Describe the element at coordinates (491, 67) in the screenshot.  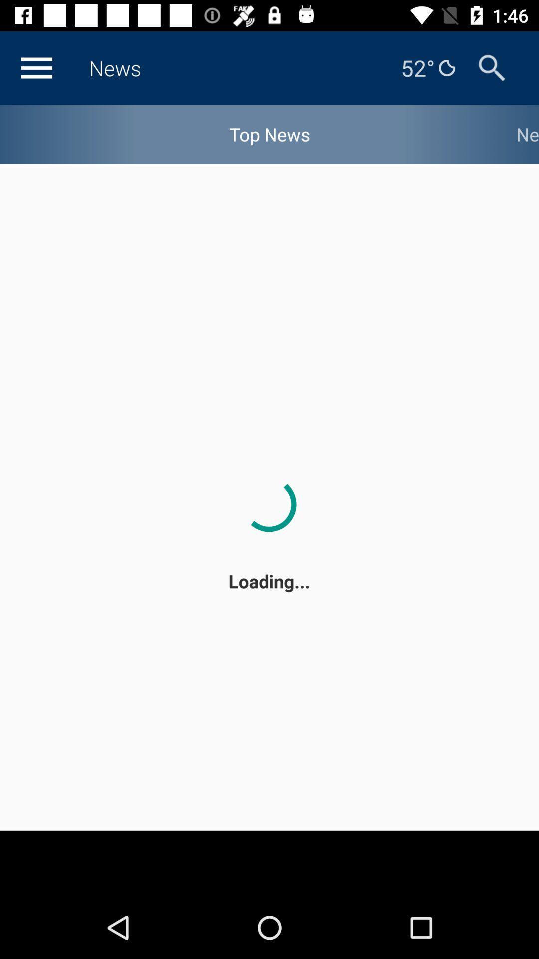
I see `the search icon` at that location.